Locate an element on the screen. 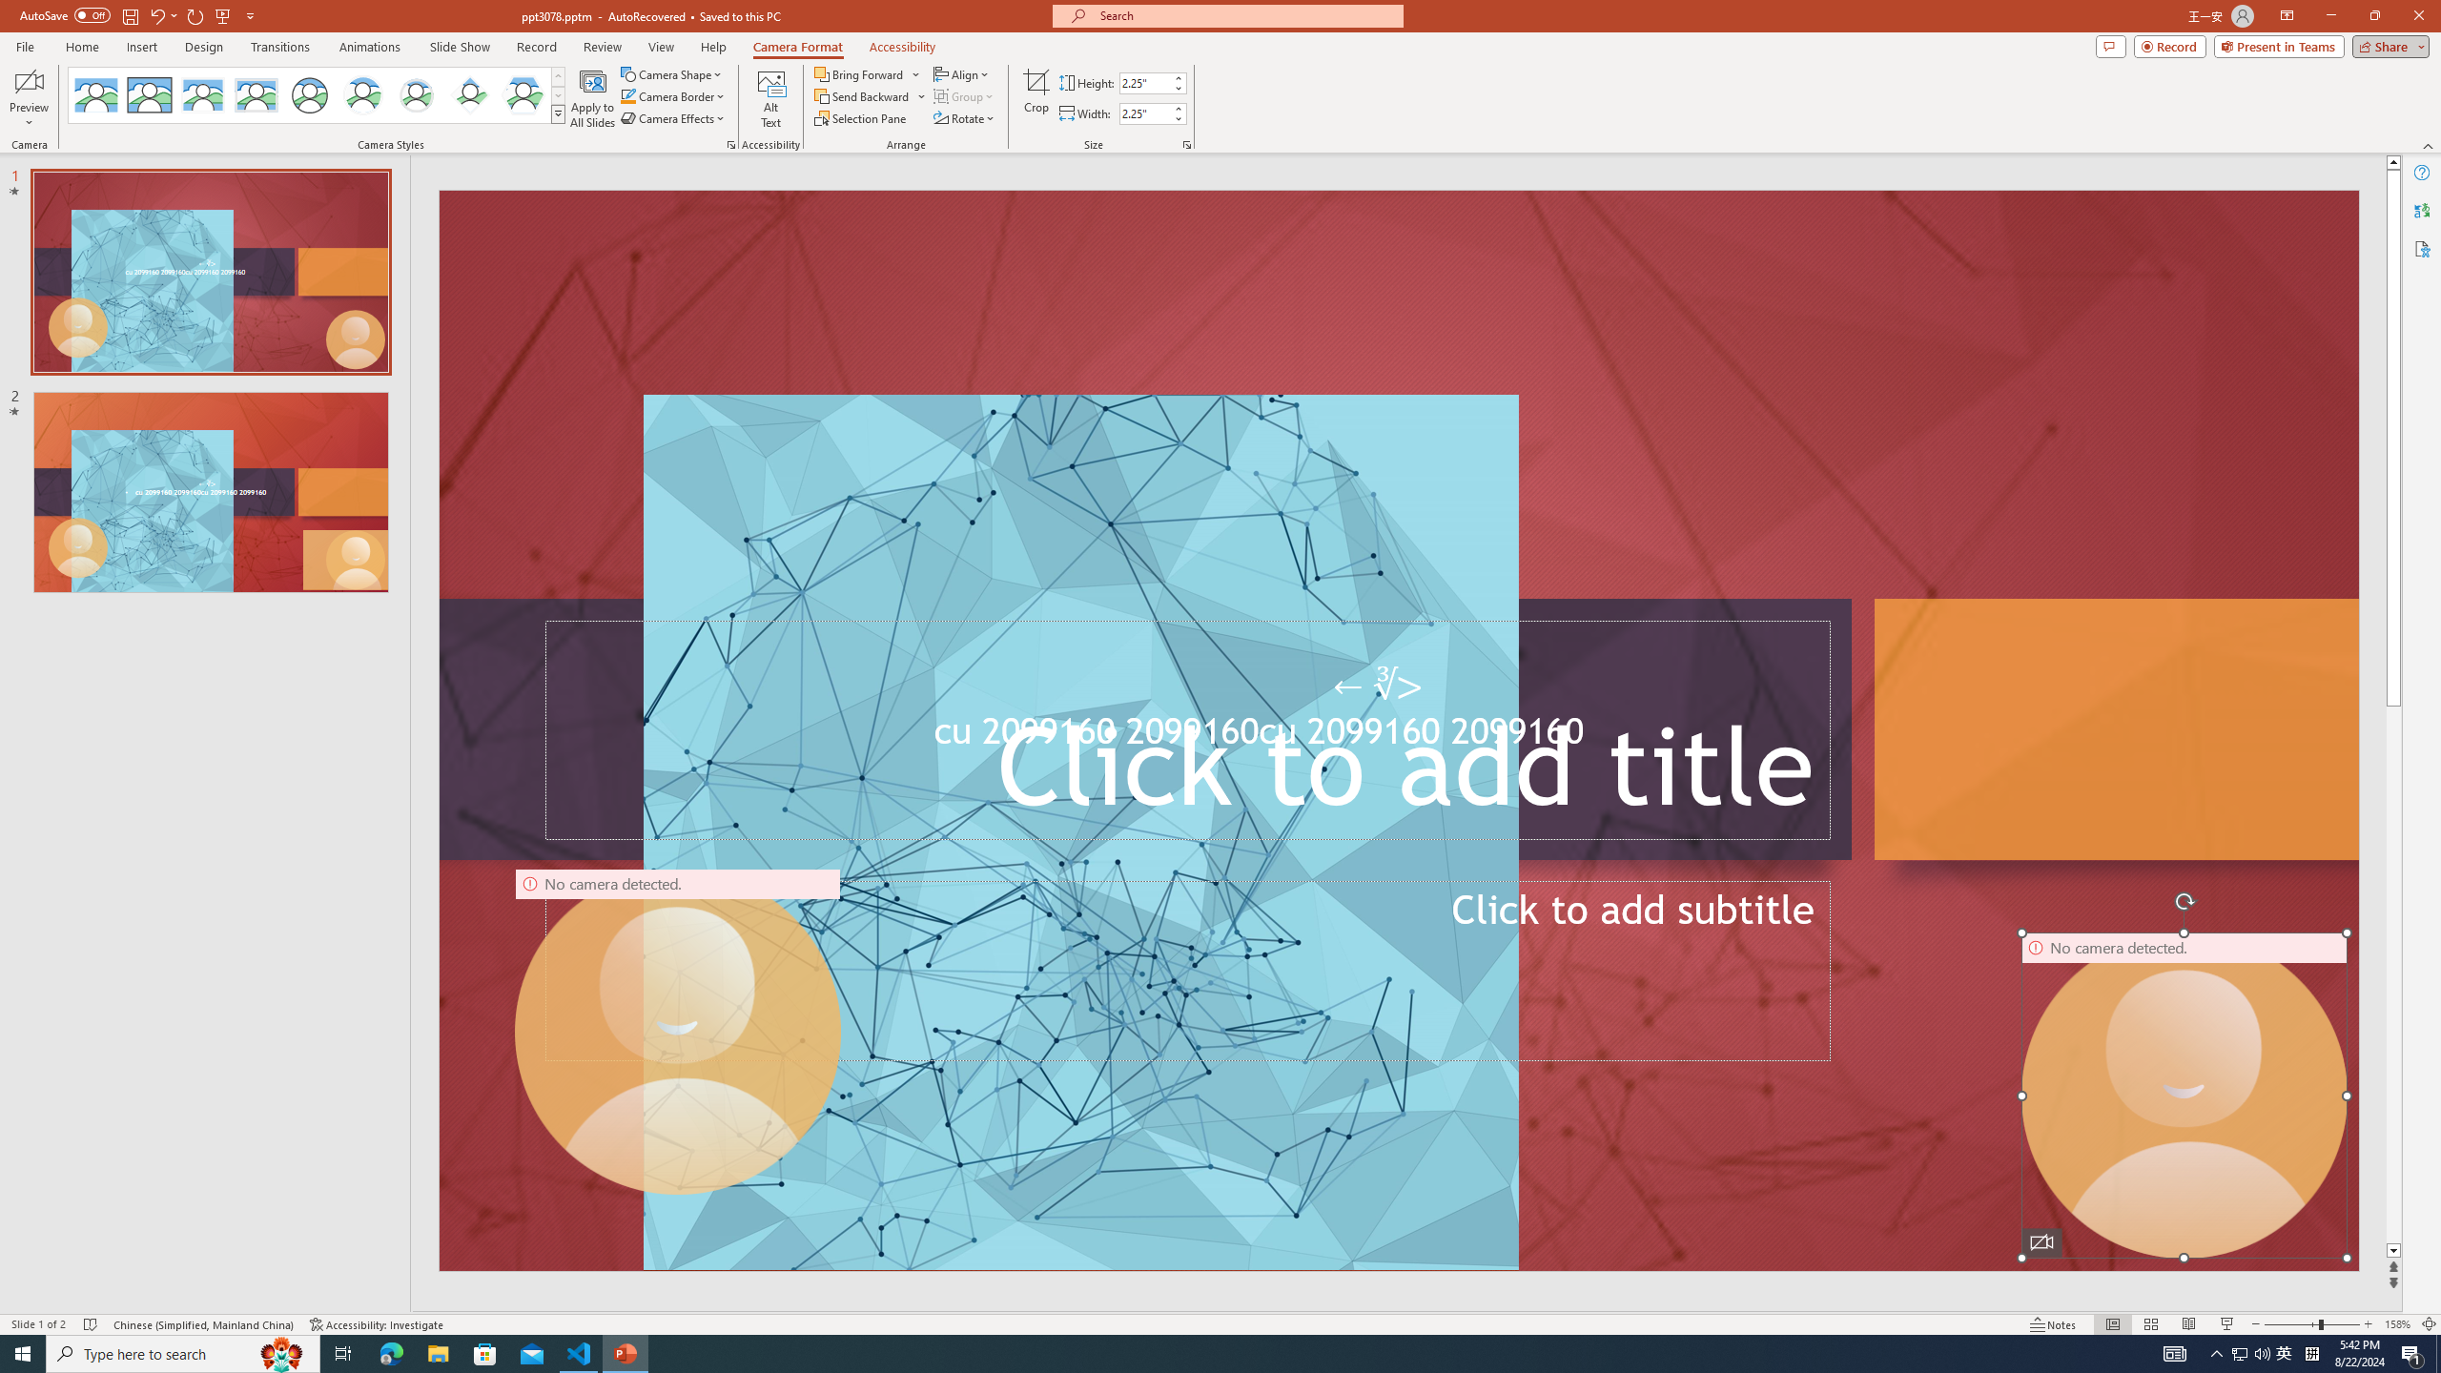 This screenshot has height=1373, width=2441. 'Cameo Width' is located at coordinates (1143, 113).